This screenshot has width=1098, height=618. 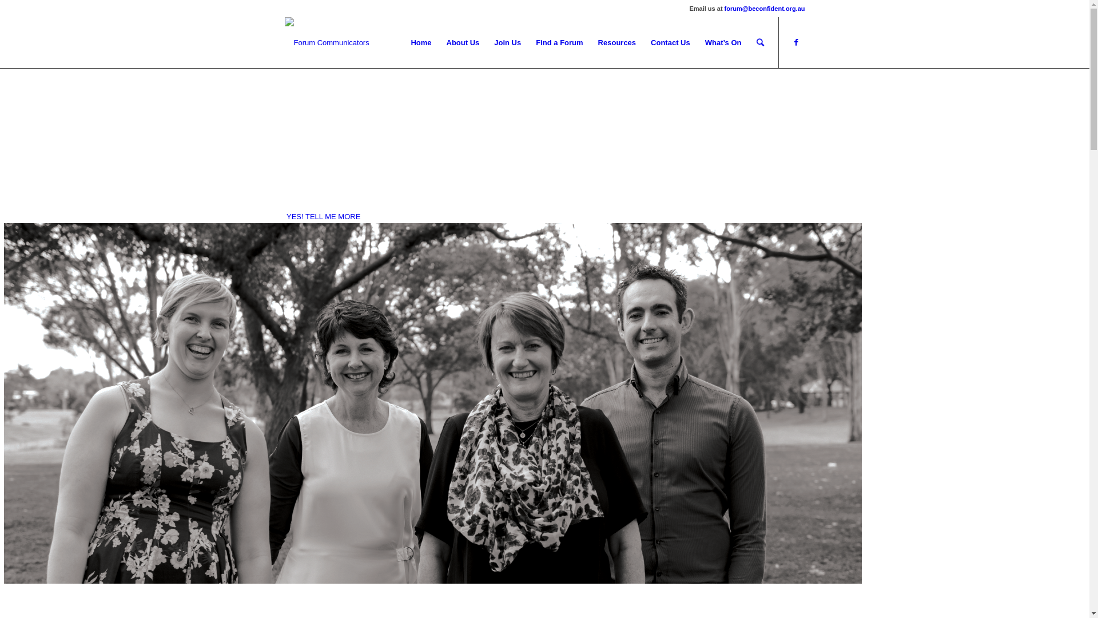 I want to click on 'forum@beconfident.org.au', so click(x=765, y=9).